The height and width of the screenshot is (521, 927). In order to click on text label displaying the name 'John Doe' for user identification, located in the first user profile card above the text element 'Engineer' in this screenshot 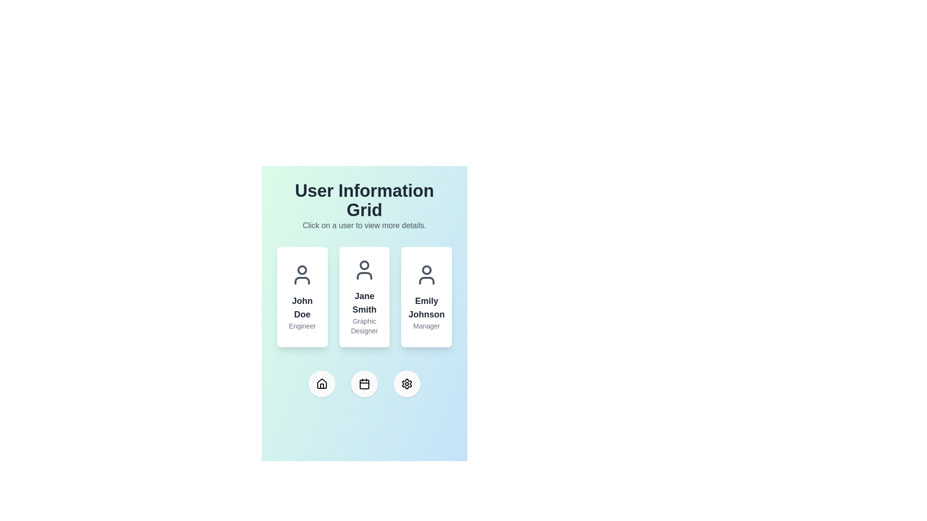, I will do `click(302, 307)`.